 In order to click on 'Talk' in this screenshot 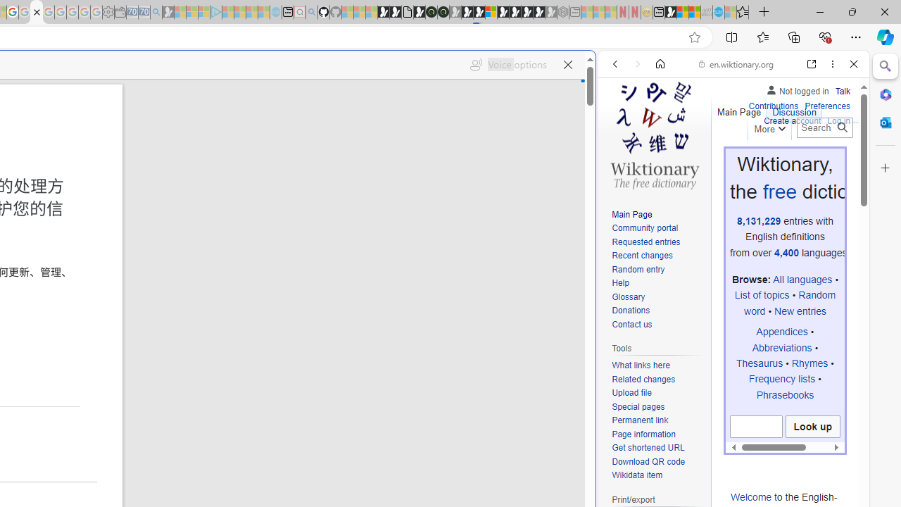, I will do `click(843, 91)`.